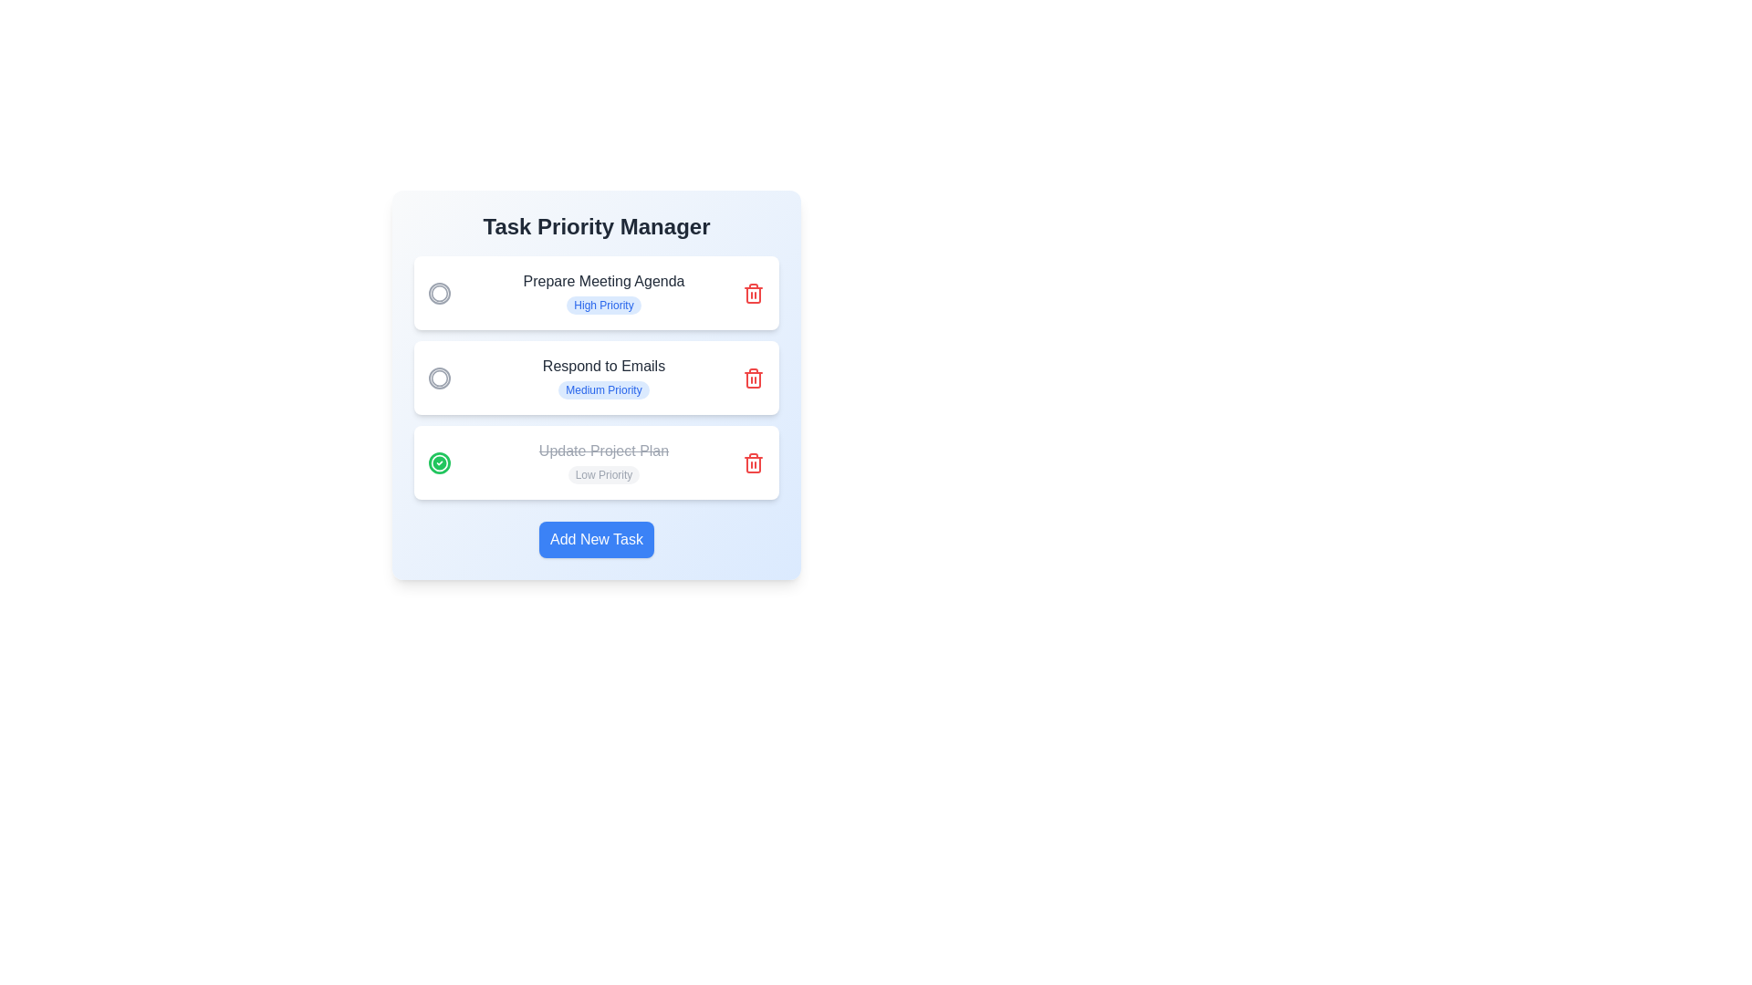  Describe the element at coordinates (604, 473) in the screenshot. I see `the 'Low Priority' label, which is a small, rounded rectangle with a light gray background located under the strikethrough text 'Update Project Plan' in the third task of a three-task list interface` at that location.